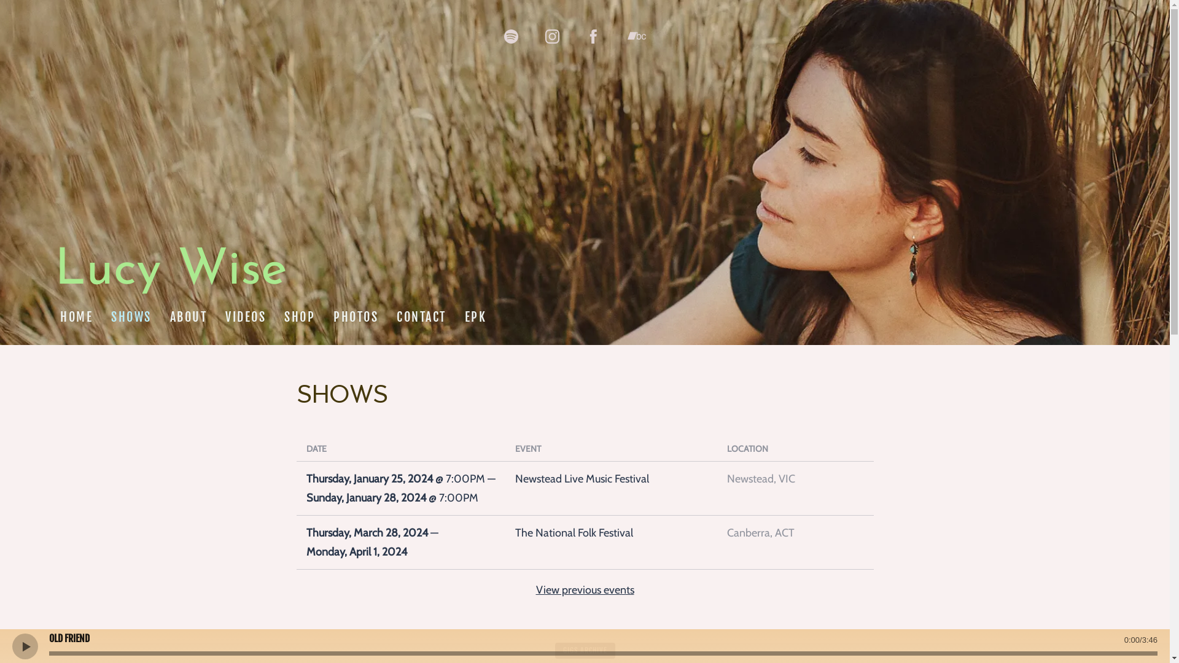  I want to click on 'Newstead Live Music Festival', so click(515, 478).